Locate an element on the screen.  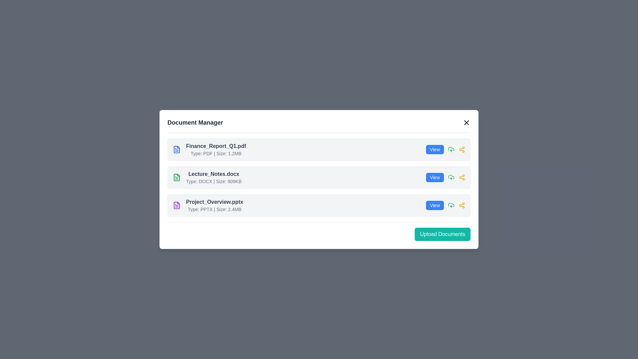
the button with a teal background and white text that reads 'Upload Documents' is located at coordinates (442, 234).